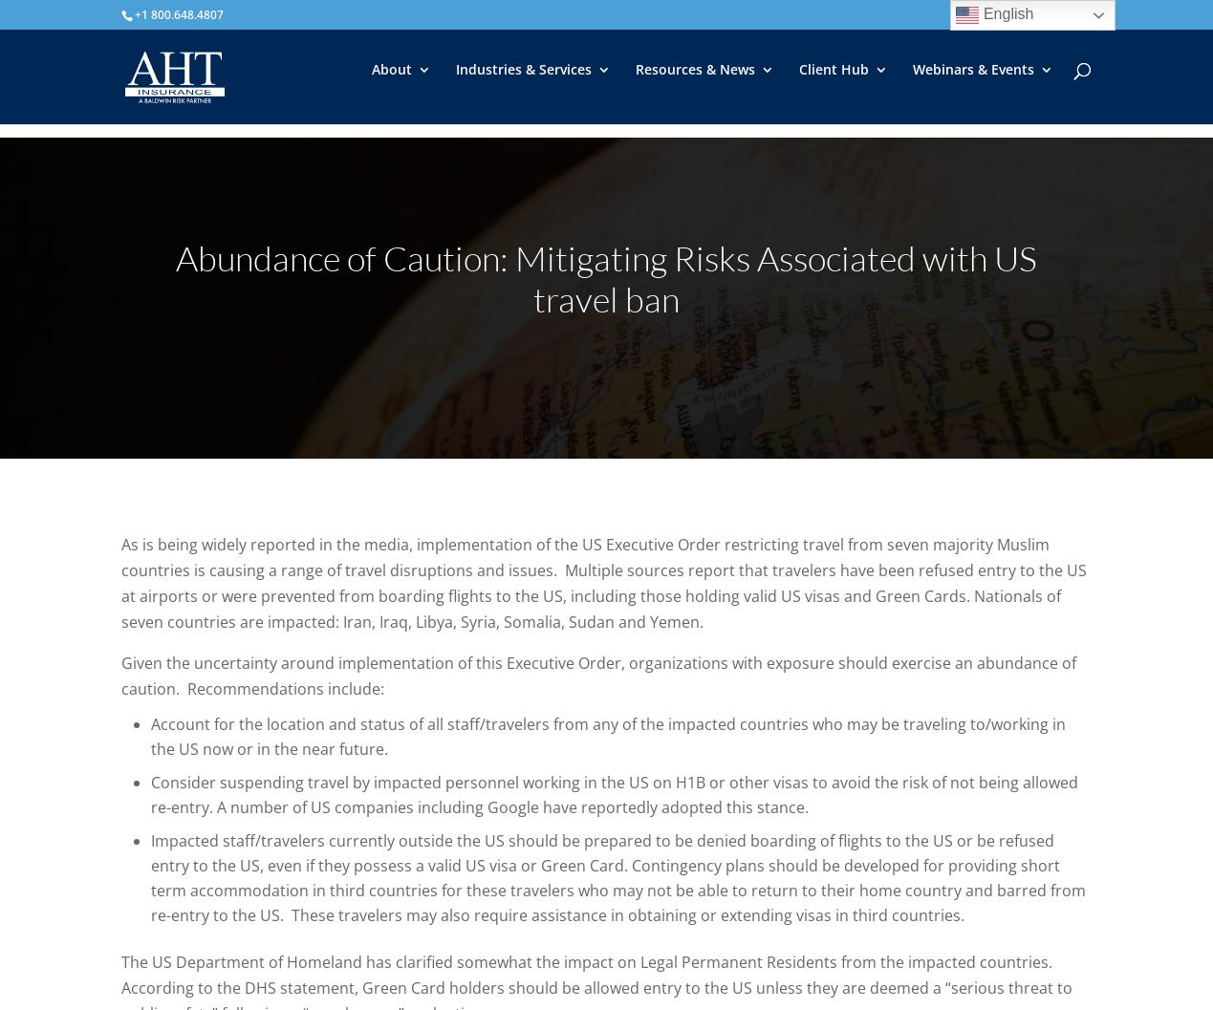 The width and height of the screenshot is (1213, 1010). I want to click on 'Catastrophic Claim Resources', so click(899, 268).